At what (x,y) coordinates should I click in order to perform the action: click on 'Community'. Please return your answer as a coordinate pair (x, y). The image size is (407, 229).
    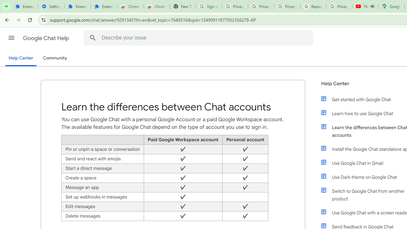
    Looking at the image, I should click on (55, 58).